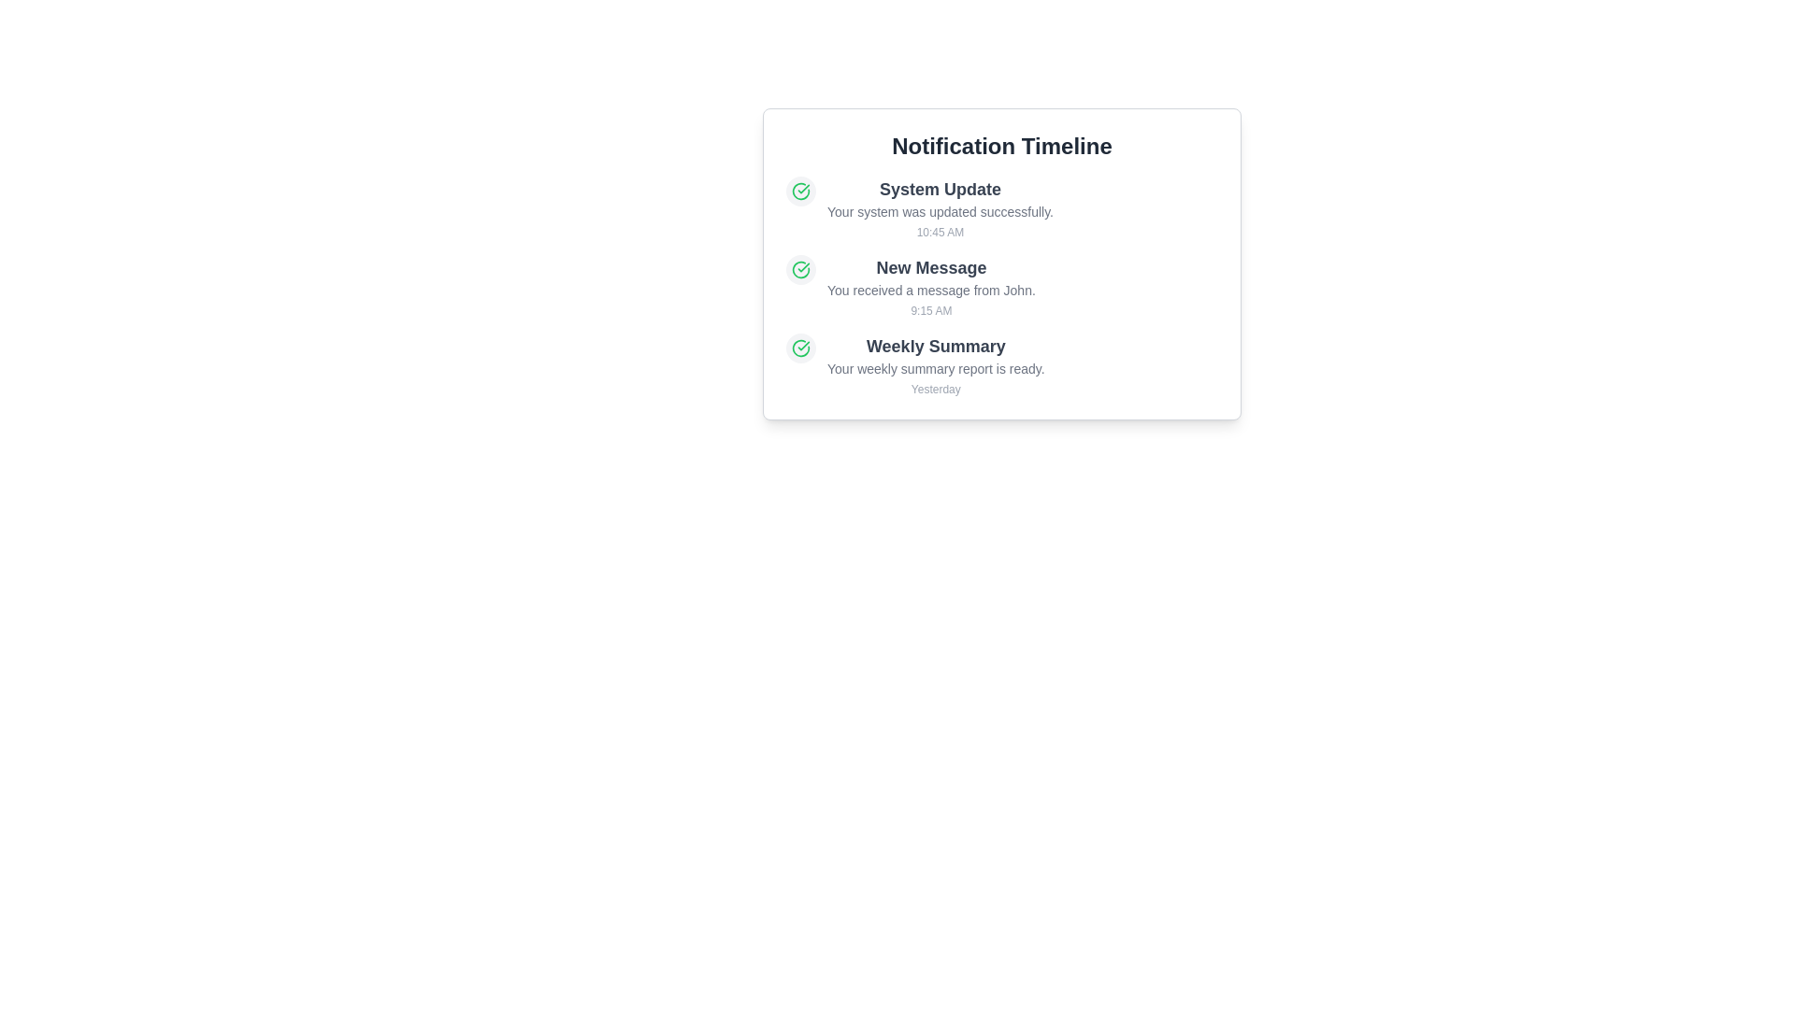 The width and height of the screenshot is (1795, 1009). I want to click on the bold text label displaying 'Notification Timeline', which is styled as a header in dark gray color at the top of the notification section, so click(1000, 146).